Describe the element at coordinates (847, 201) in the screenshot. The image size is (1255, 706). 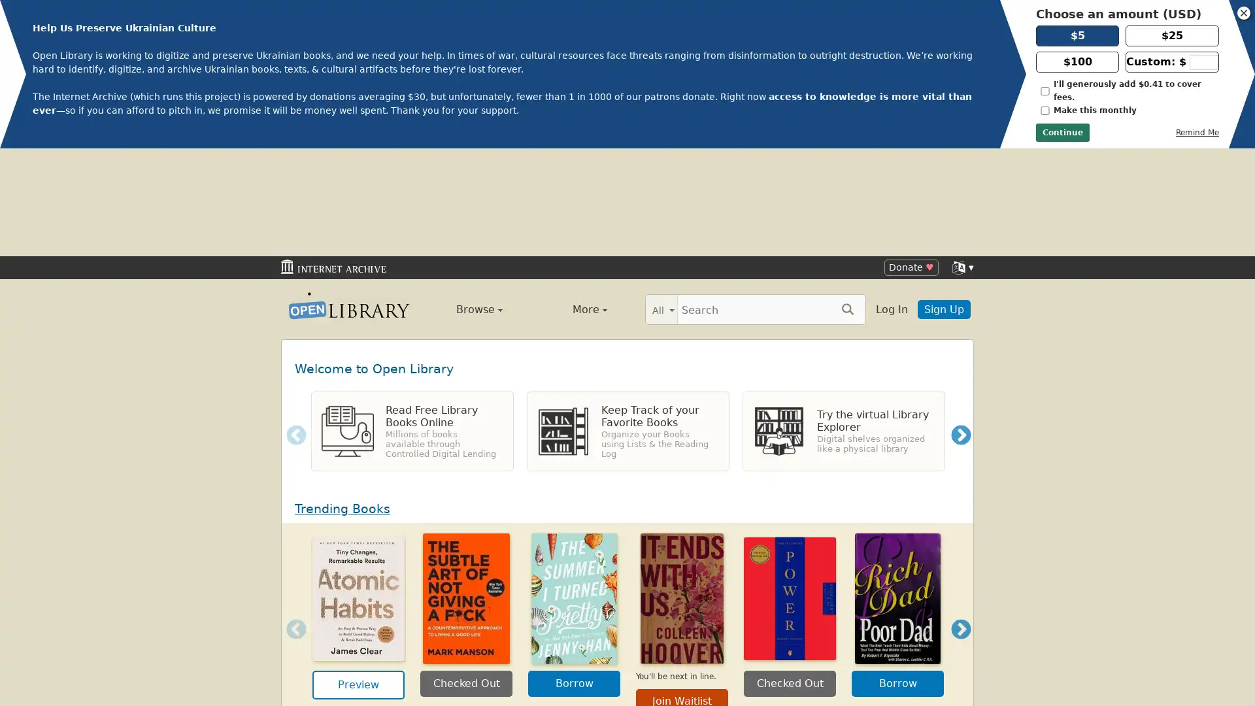
I see `Search submit` at that location.